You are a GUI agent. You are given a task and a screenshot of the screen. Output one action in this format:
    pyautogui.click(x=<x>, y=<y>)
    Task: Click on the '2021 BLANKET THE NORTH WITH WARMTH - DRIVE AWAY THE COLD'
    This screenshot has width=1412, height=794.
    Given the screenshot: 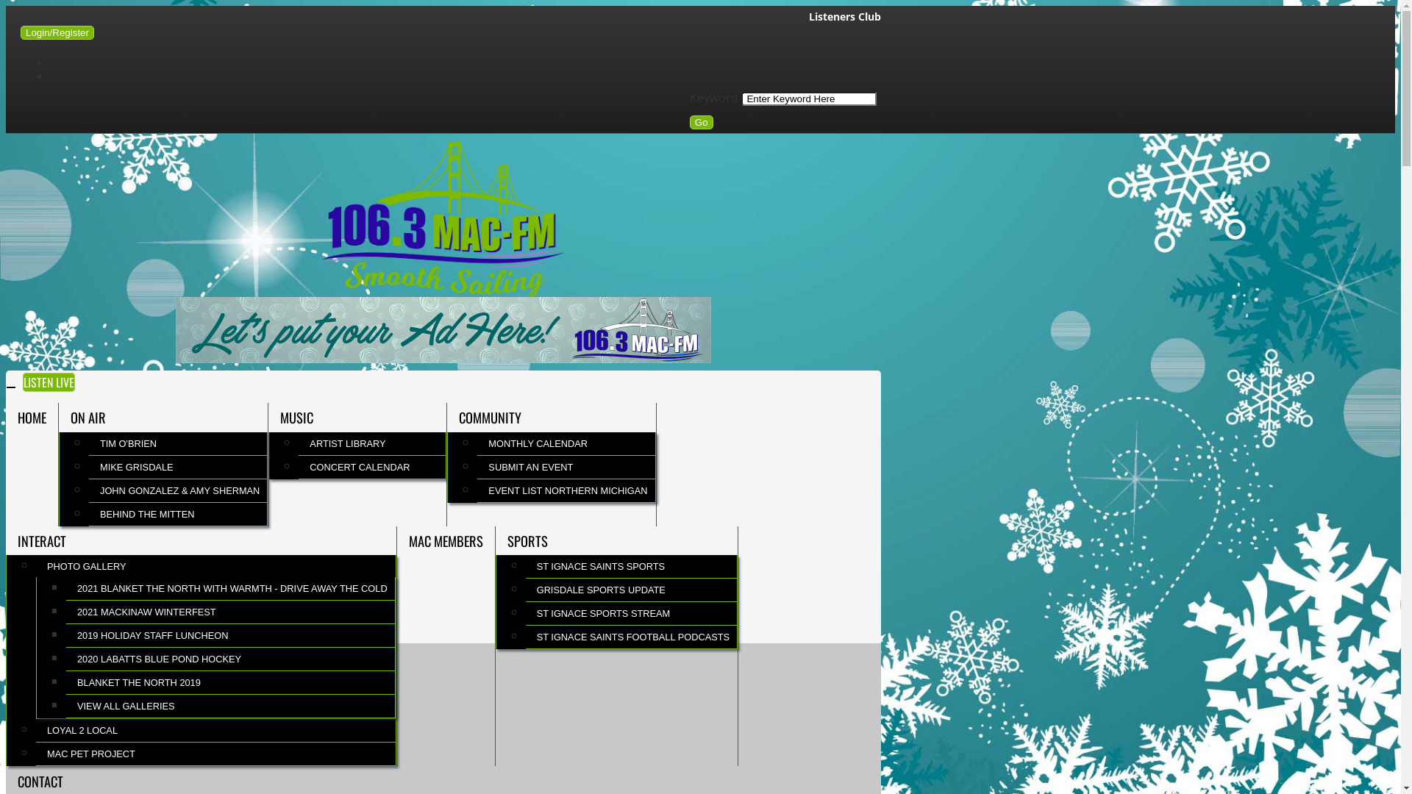 What is the action you would take?
    pyautogui.click(x=229, y=587)
    